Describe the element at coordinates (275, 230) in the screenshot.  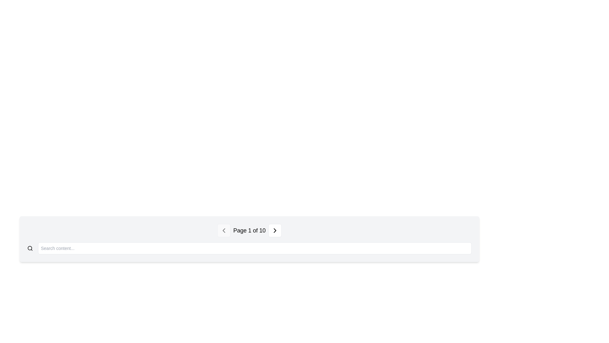
I see `the 'Next' button located to the right of 'Page 1 of 10' to advance to the next page in the pagination system` at that location.